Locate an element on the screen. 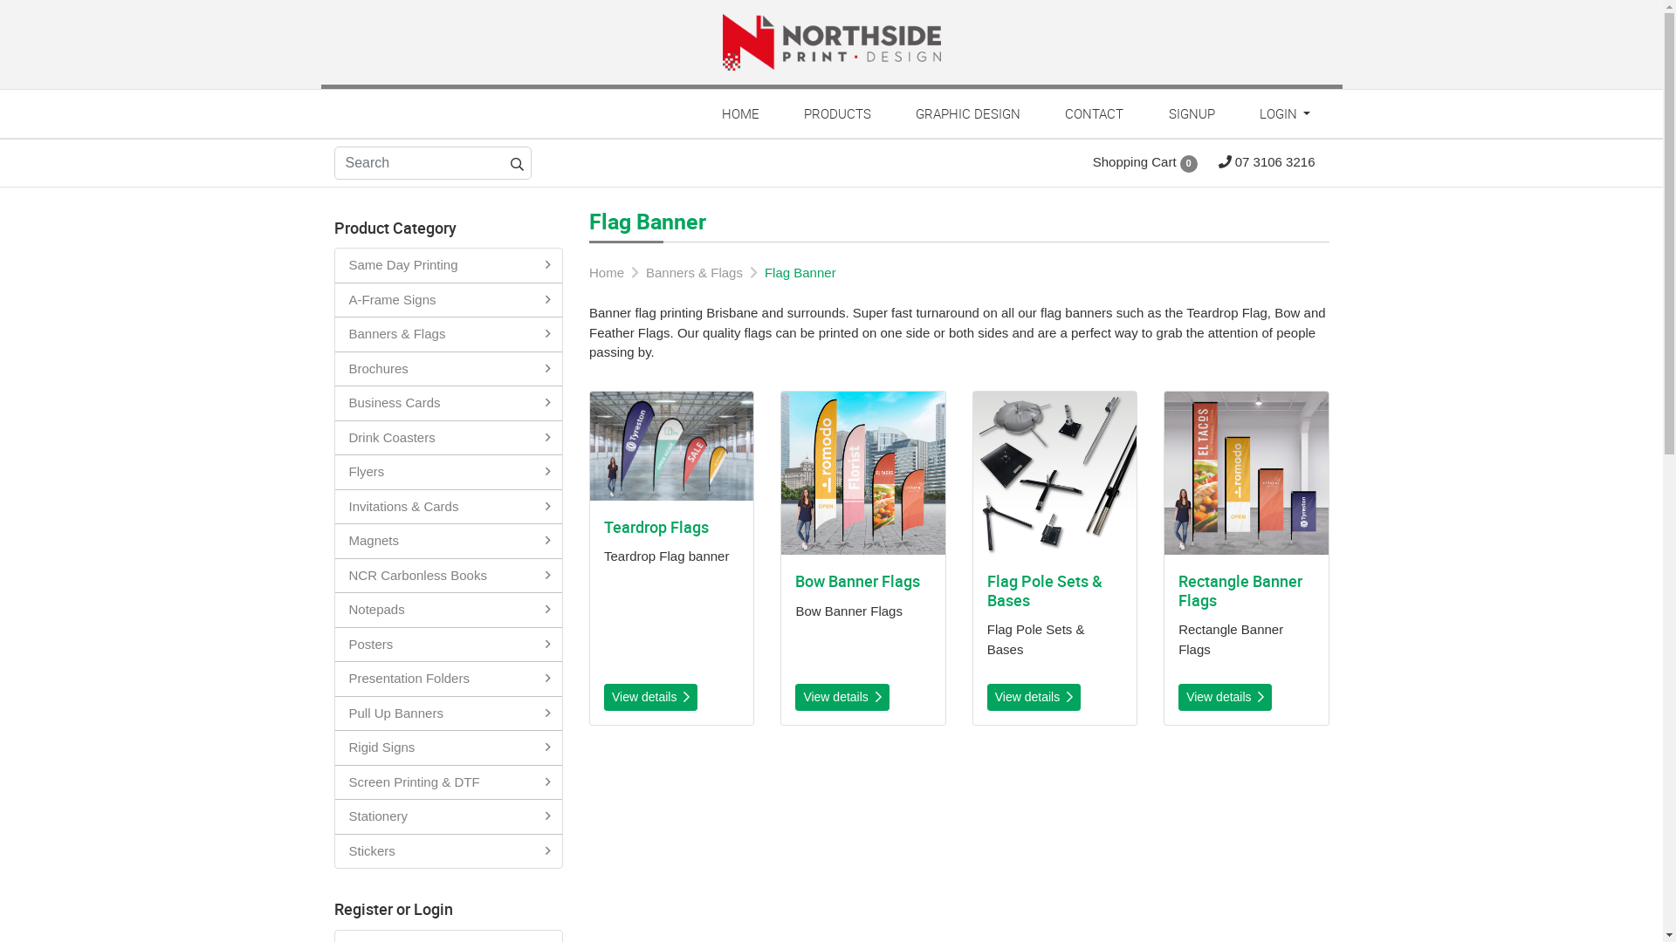  'Screen Printing & DTF' is located at coordinates (449, 782).